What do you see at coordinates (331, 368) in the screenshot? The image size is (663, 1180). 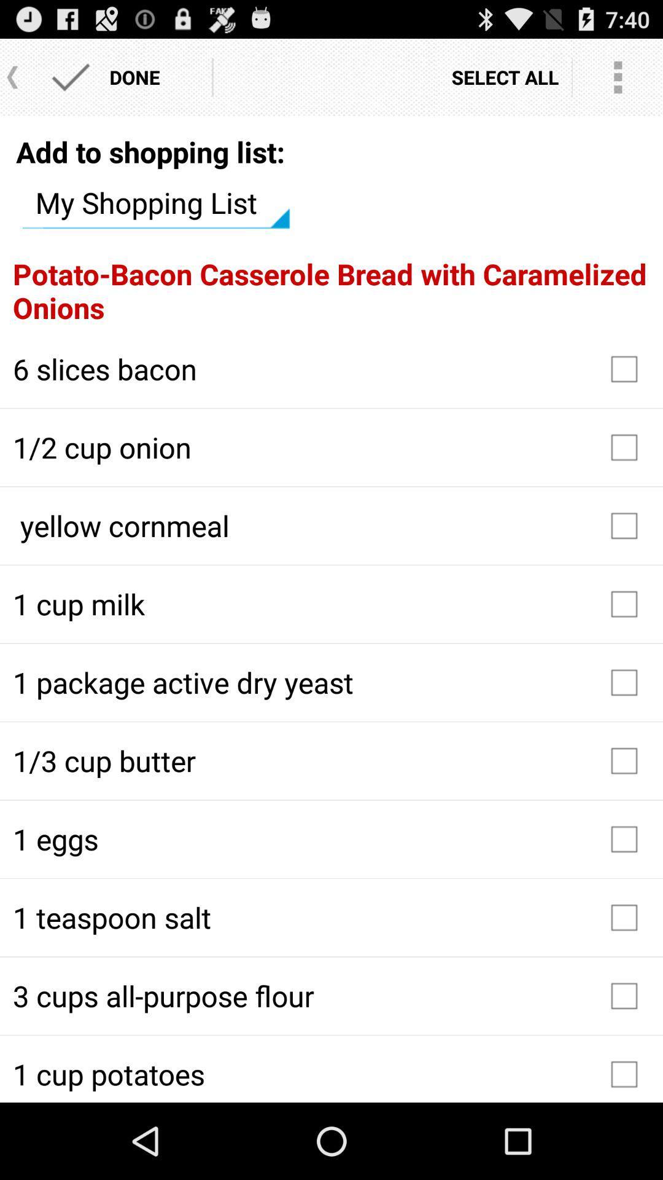 I see `the 6 slices bacon icon` at bounding box center [331, 368].